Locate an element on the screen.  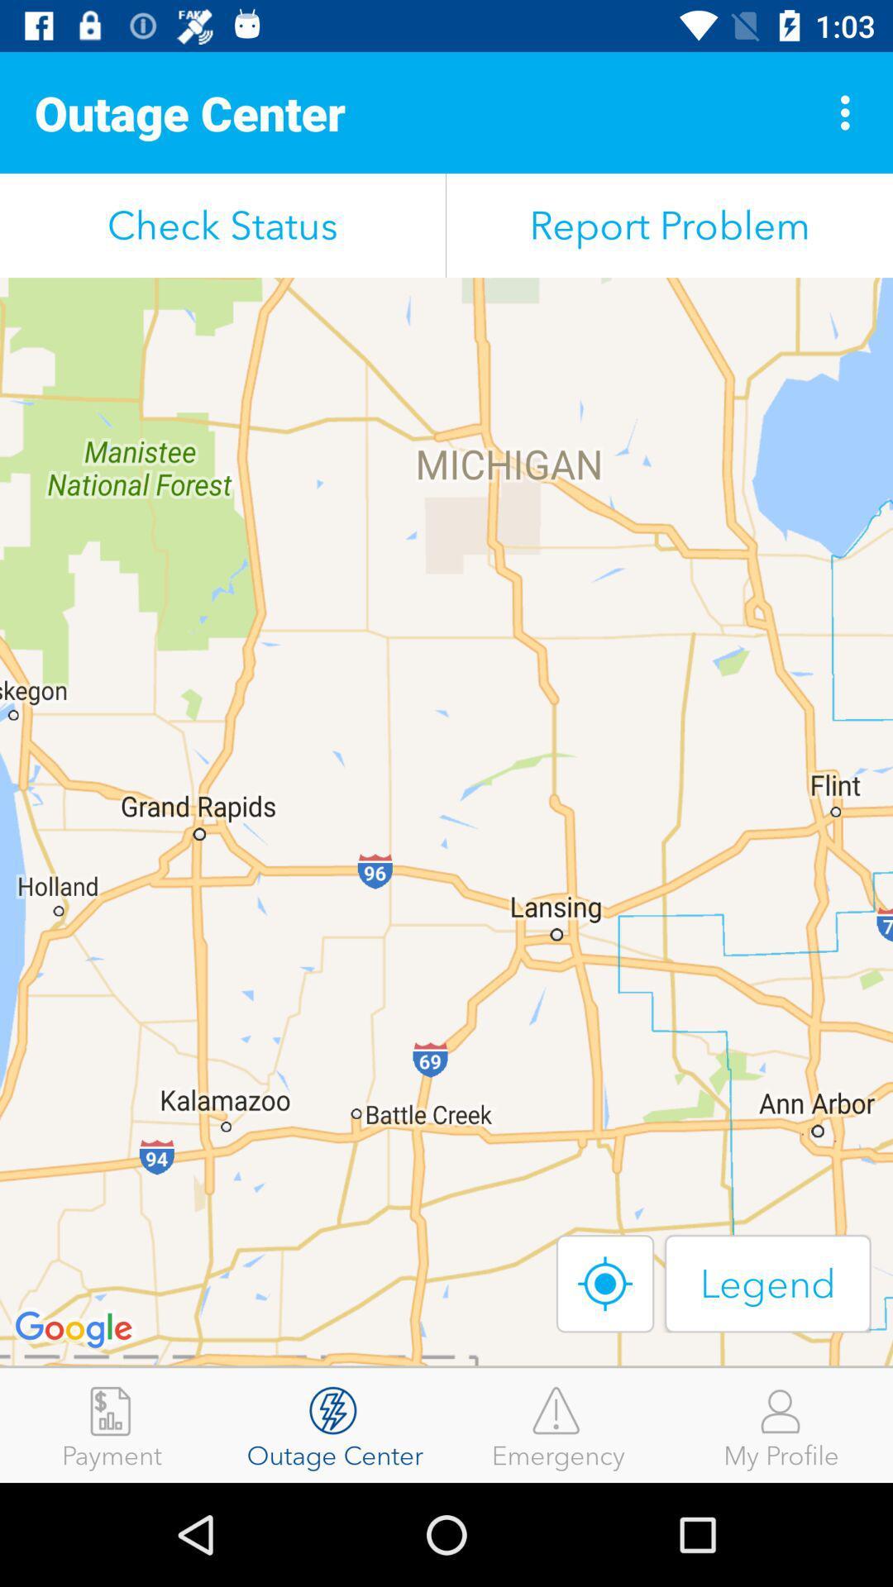
the icon below the check status item is located at coordinates (446, 822).